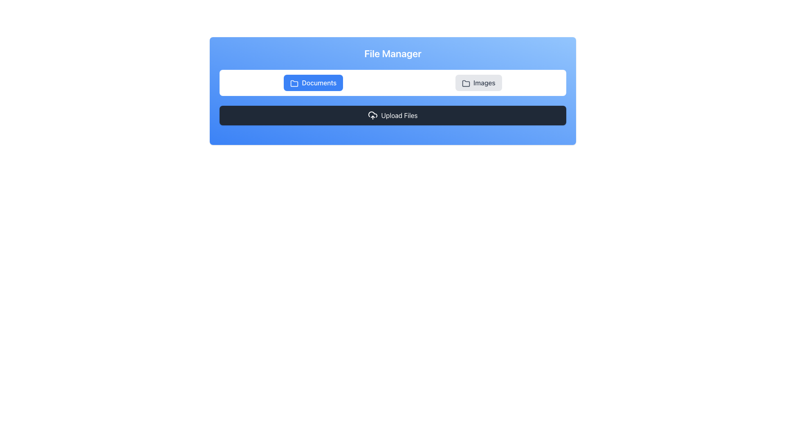 The width and height of the screenshot is (785, 441). I want to click on the folder icon that signifies the 'Images' section, aiding users in associating the label with a folder of image files, so click(466, 83).